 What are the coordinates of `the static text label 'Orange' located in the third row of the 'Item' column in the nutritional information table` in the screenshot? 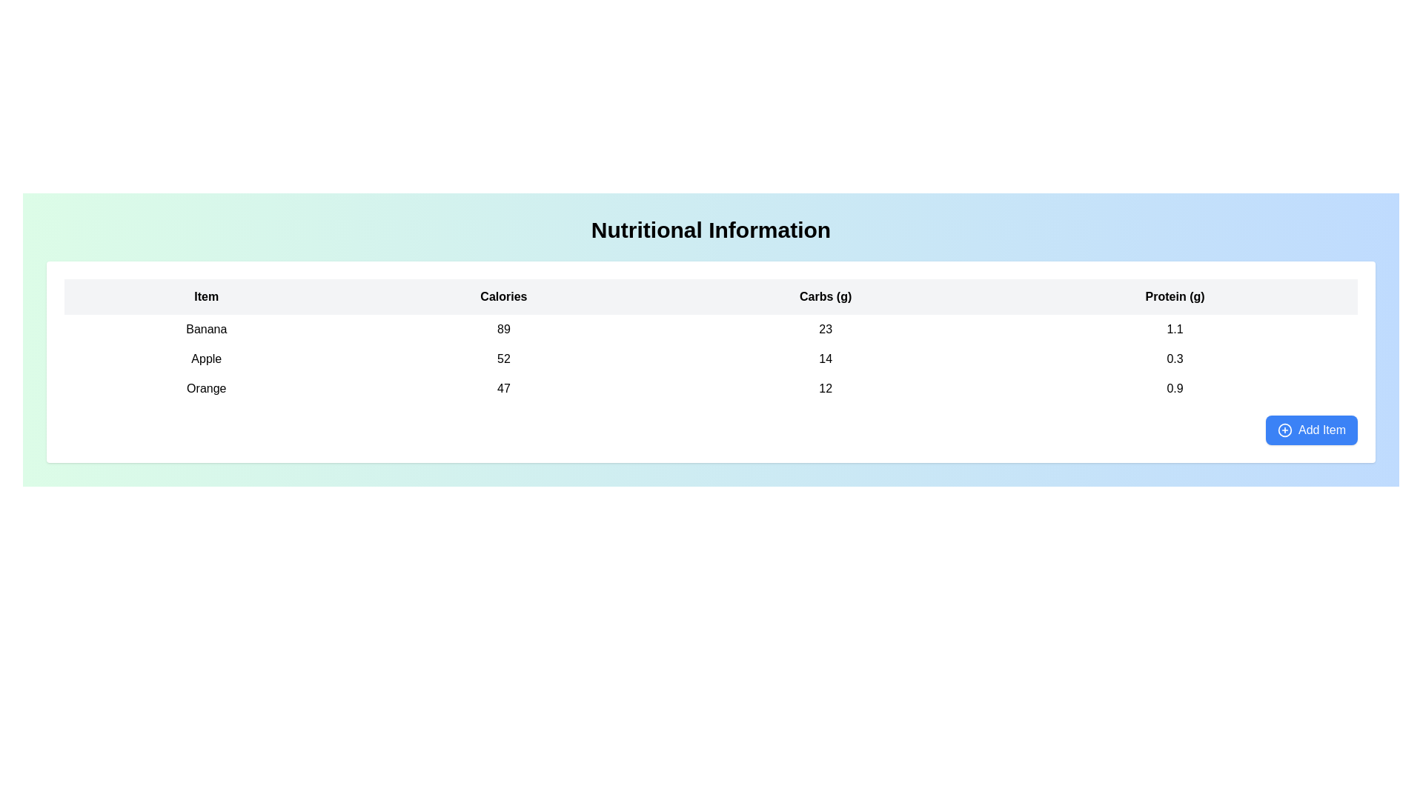 It's located at (205, 387).